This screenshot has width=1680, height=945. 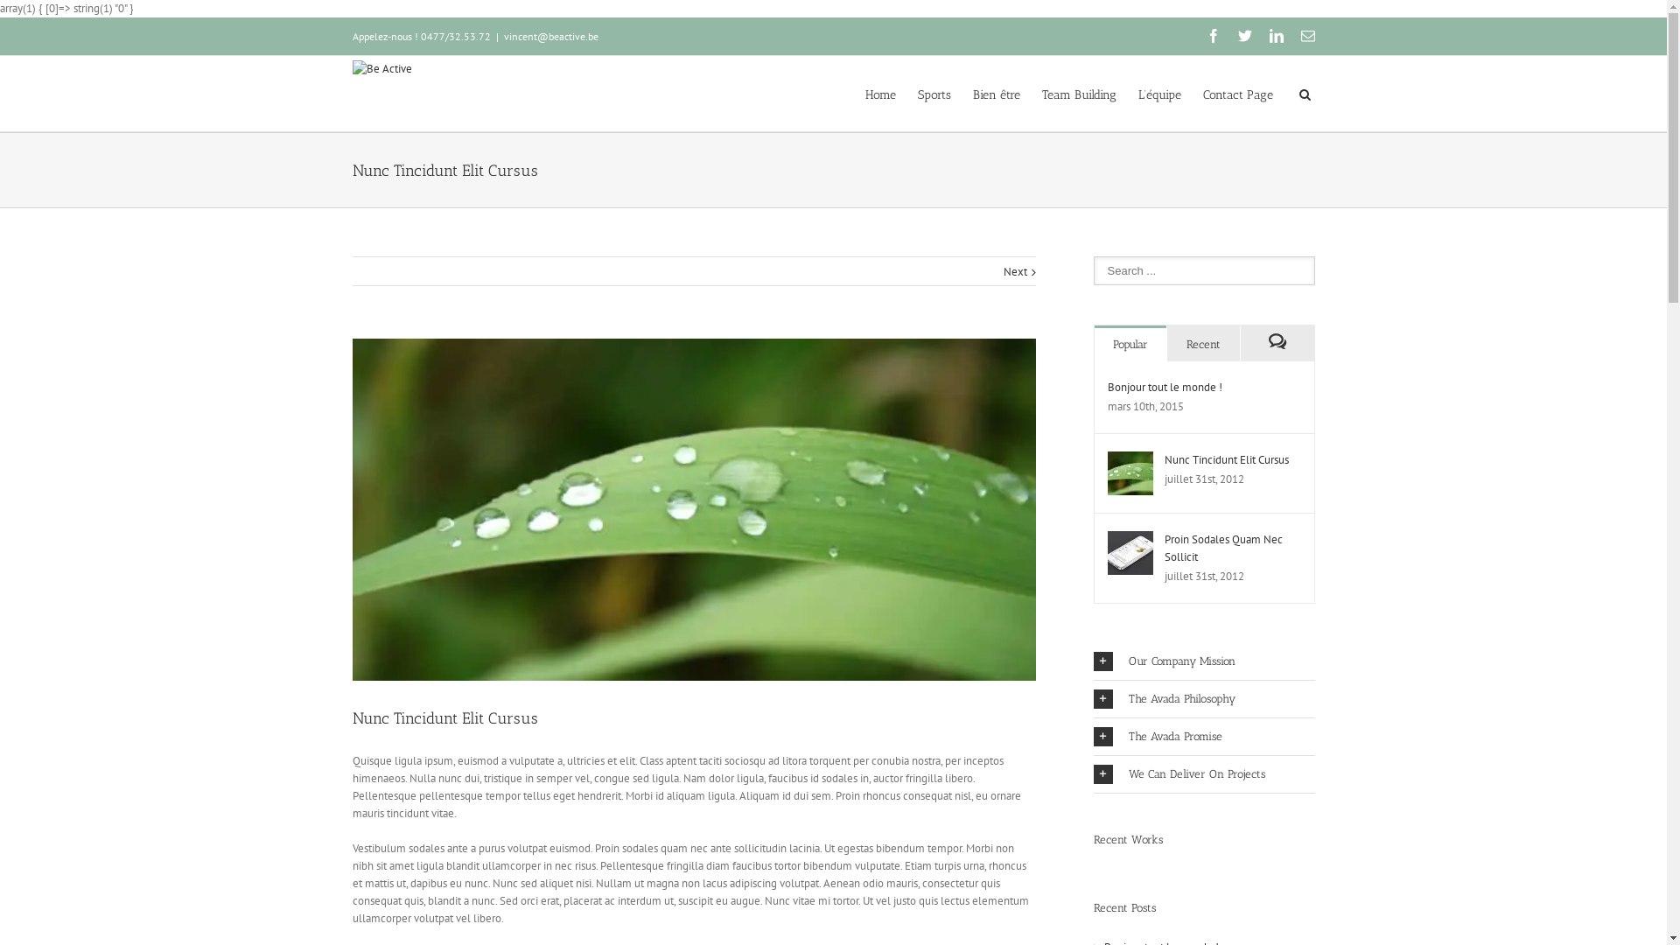 I want to click on 'Linkedin', so click(x=1276, y=36).